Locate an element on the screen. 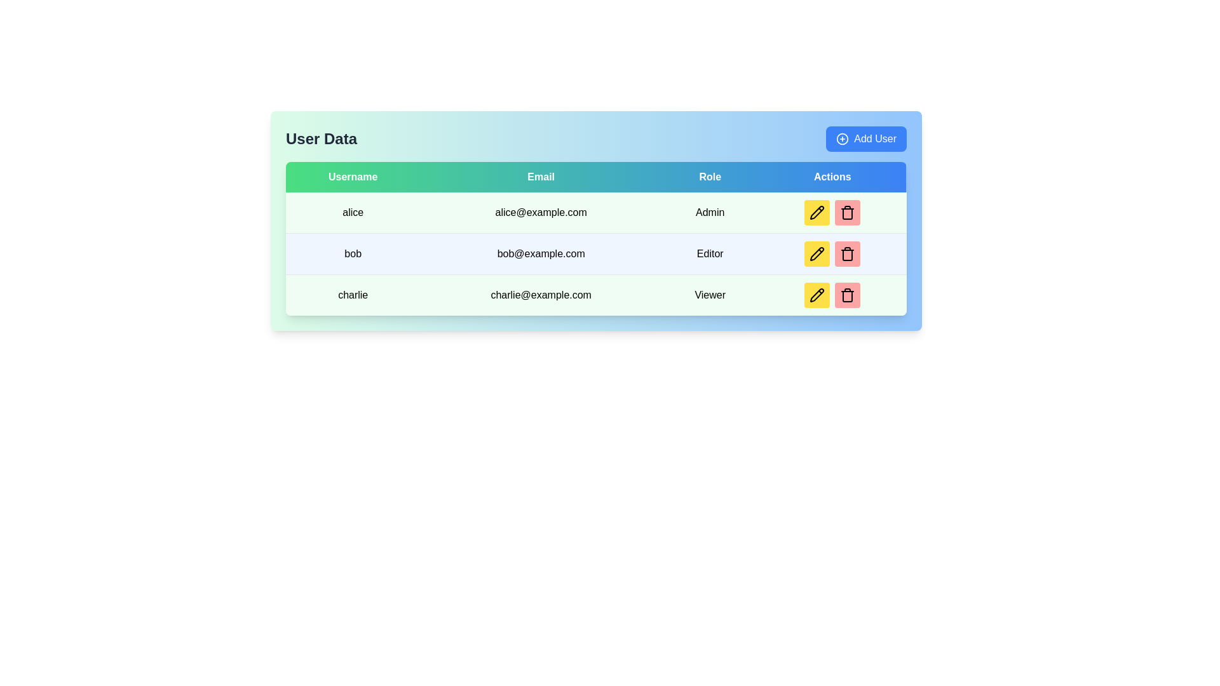  the central body of the outlined trash bin icon segment located is located at coordinates (848, 213).